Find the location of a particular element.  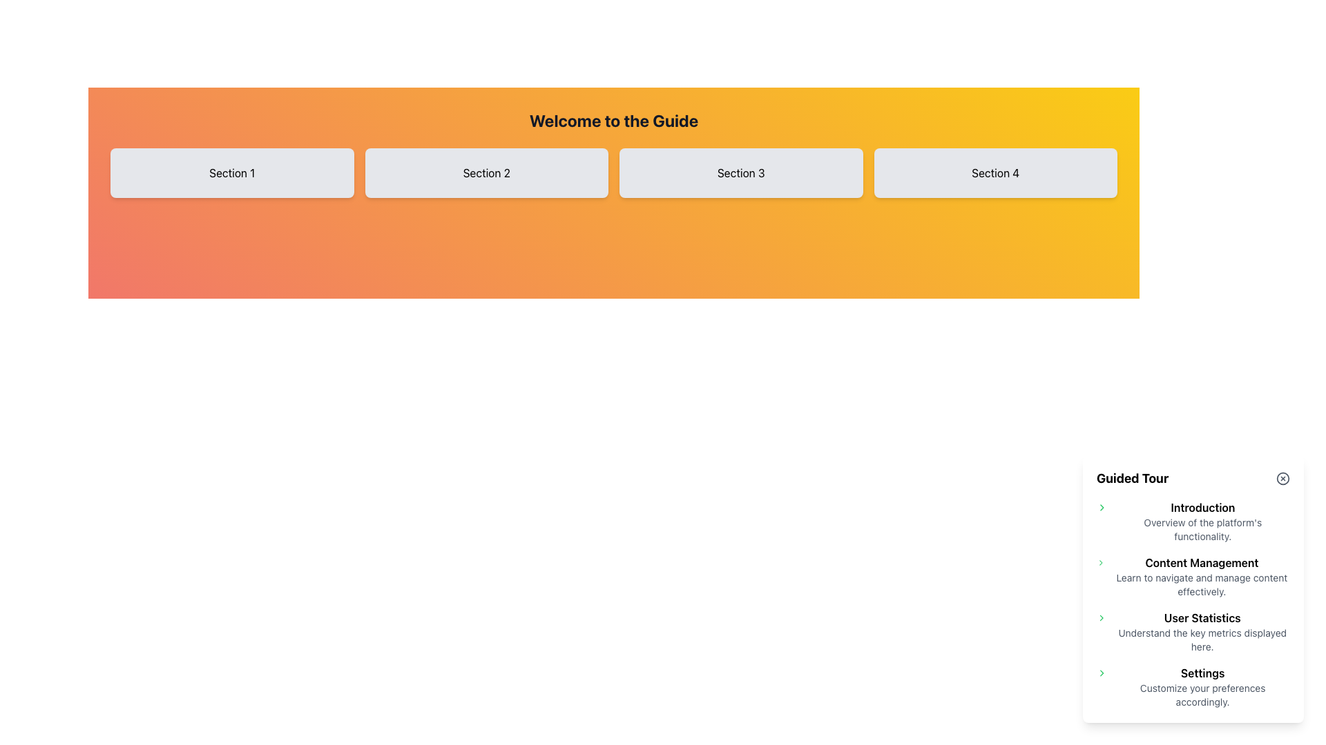

the non-interactive text element located beneath the 'Content Management' heading in the Guided Tour section is located at coordinates (1201, 585).